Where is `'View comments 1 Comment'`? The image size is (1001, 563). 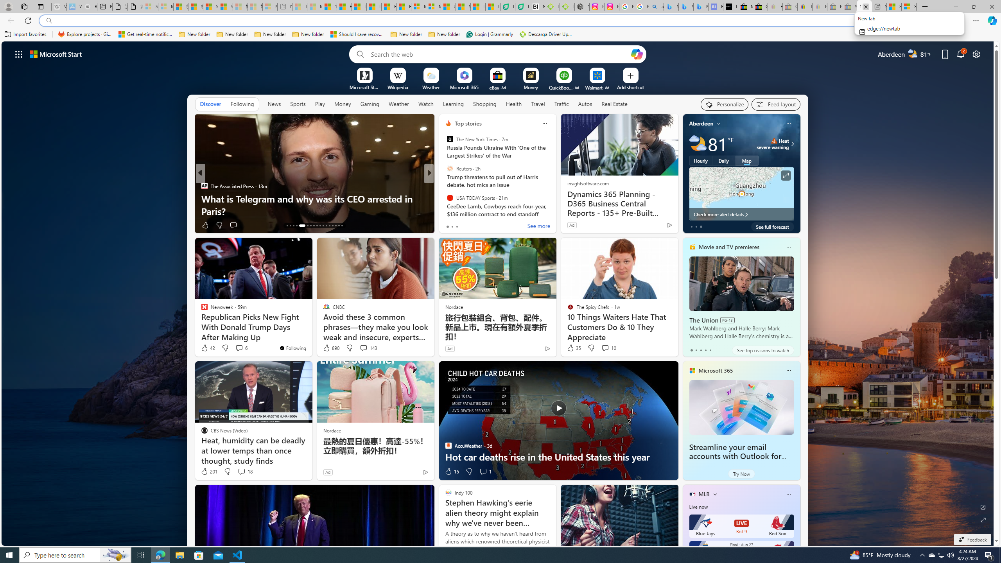 'View comments 1 Comment' is located at coordinates (484, 472).